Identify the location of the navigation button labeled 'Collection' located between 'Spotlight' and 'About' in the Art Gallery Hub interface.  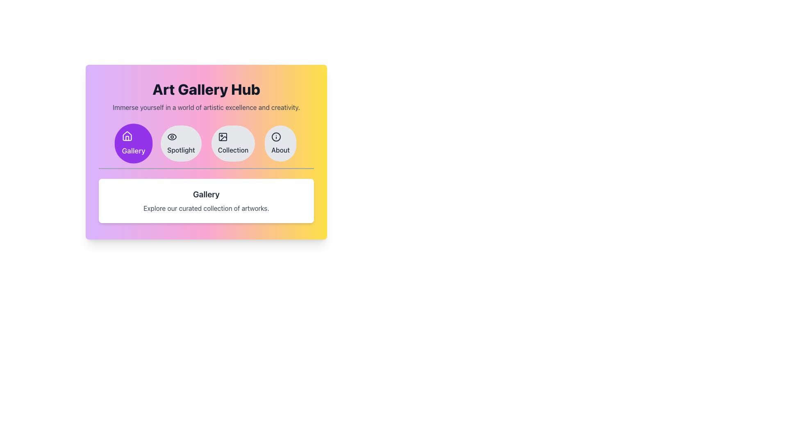
(232, 143).